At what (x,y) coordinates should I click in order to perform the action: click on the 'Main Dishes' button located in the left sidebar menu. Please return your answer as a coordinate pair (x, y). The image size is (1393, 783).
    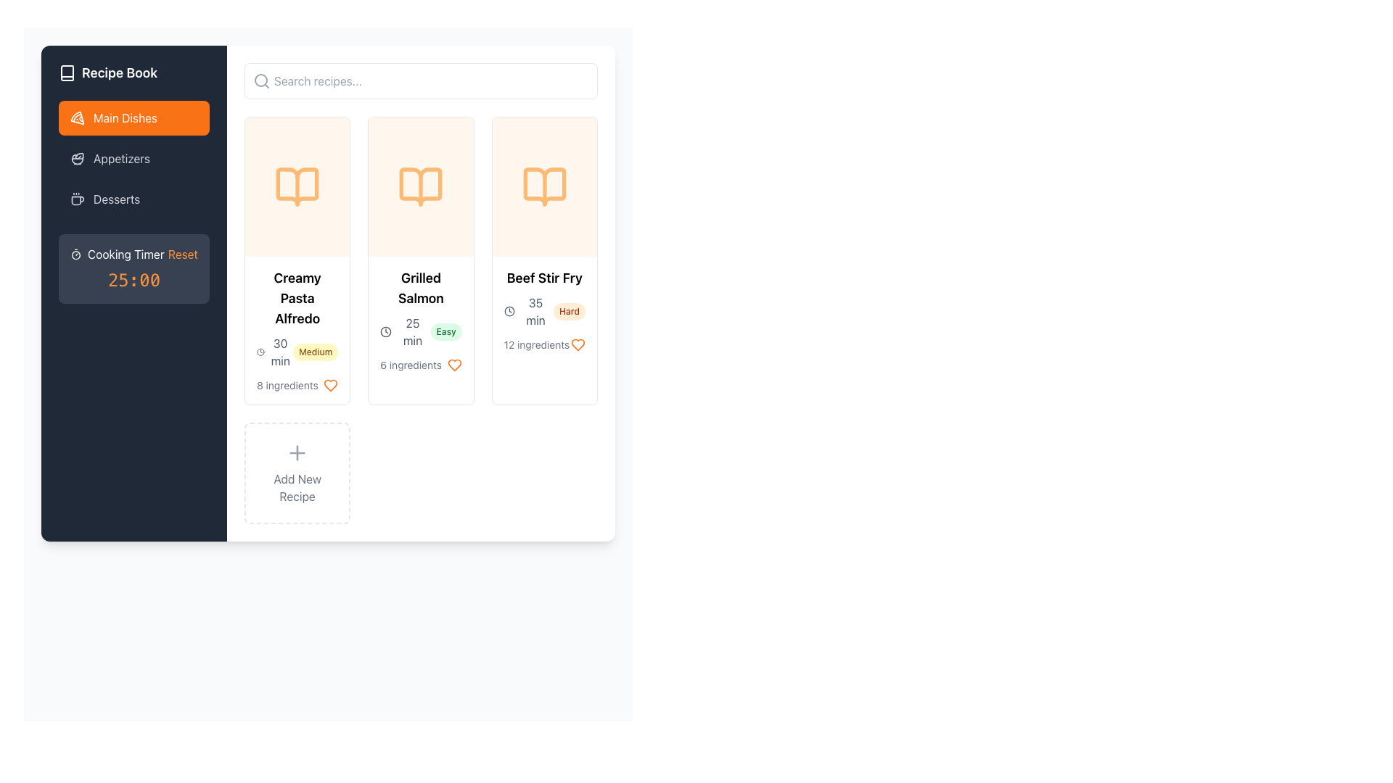
    Looking at the image, I should click on (134, 117).